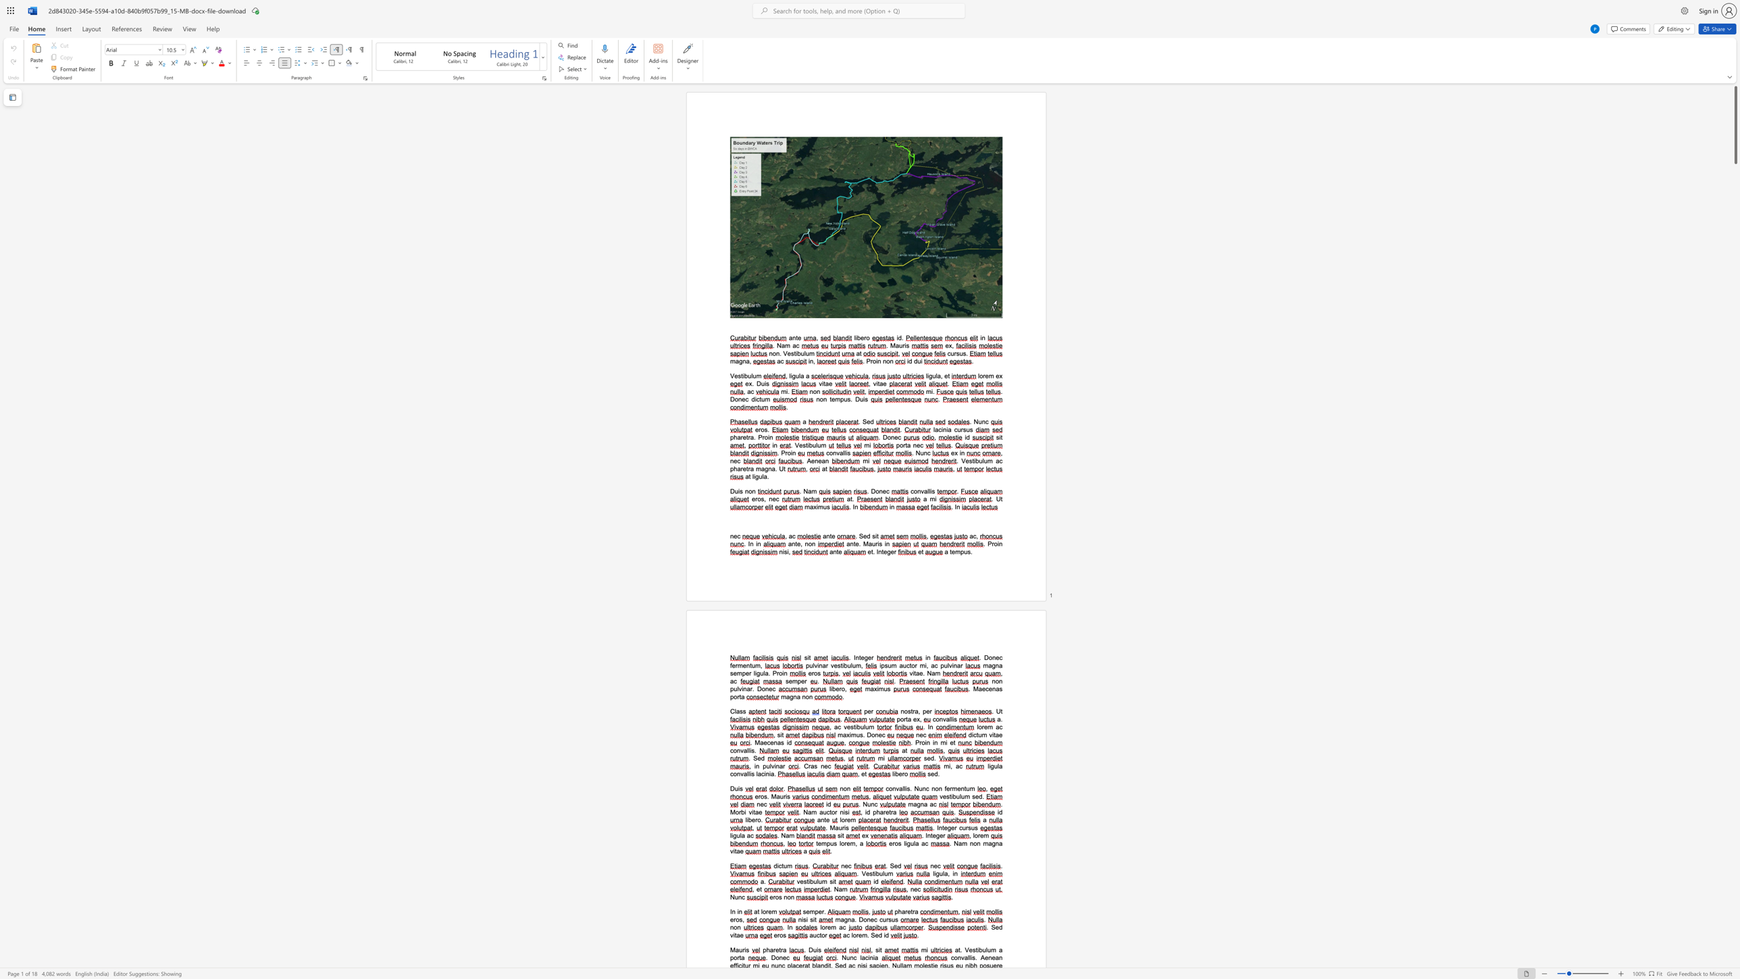 Image resolution: width=1740 pixels, height=979 pixels. I want to click on the space between the continuous character "e" and "m" in the text, so click(954, 551).